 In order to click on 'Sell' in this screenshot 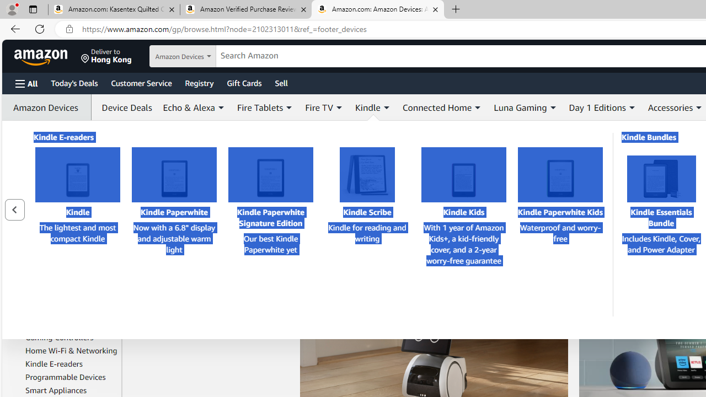, I will do `click(281, 82)`.